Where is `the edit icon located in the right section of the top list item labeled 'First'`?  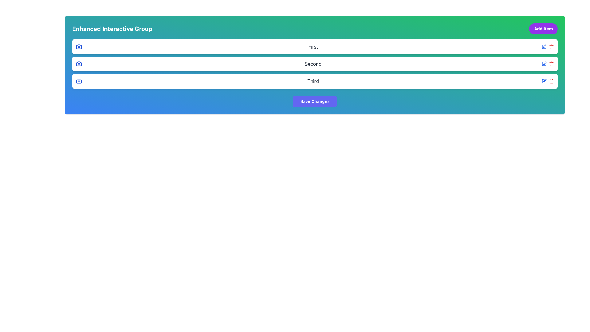
the edit icon located in the right section of the top list item labeled 'First' is located at coordinates (544, 46).